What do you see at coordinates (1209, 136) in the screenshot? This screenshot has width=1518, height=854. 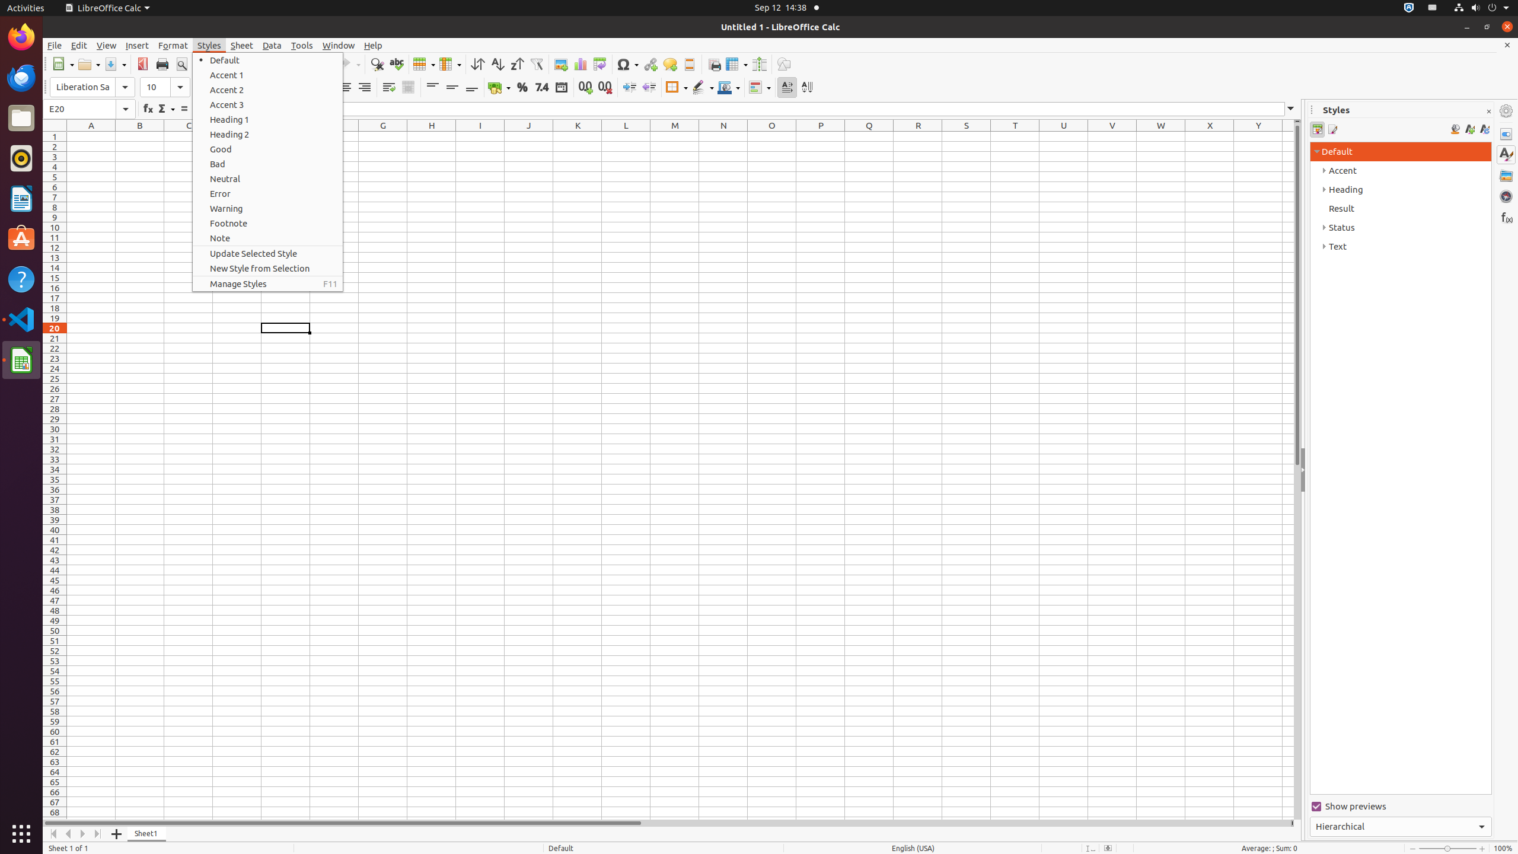 I see `'X1'` at bounding box center [1209, 136].